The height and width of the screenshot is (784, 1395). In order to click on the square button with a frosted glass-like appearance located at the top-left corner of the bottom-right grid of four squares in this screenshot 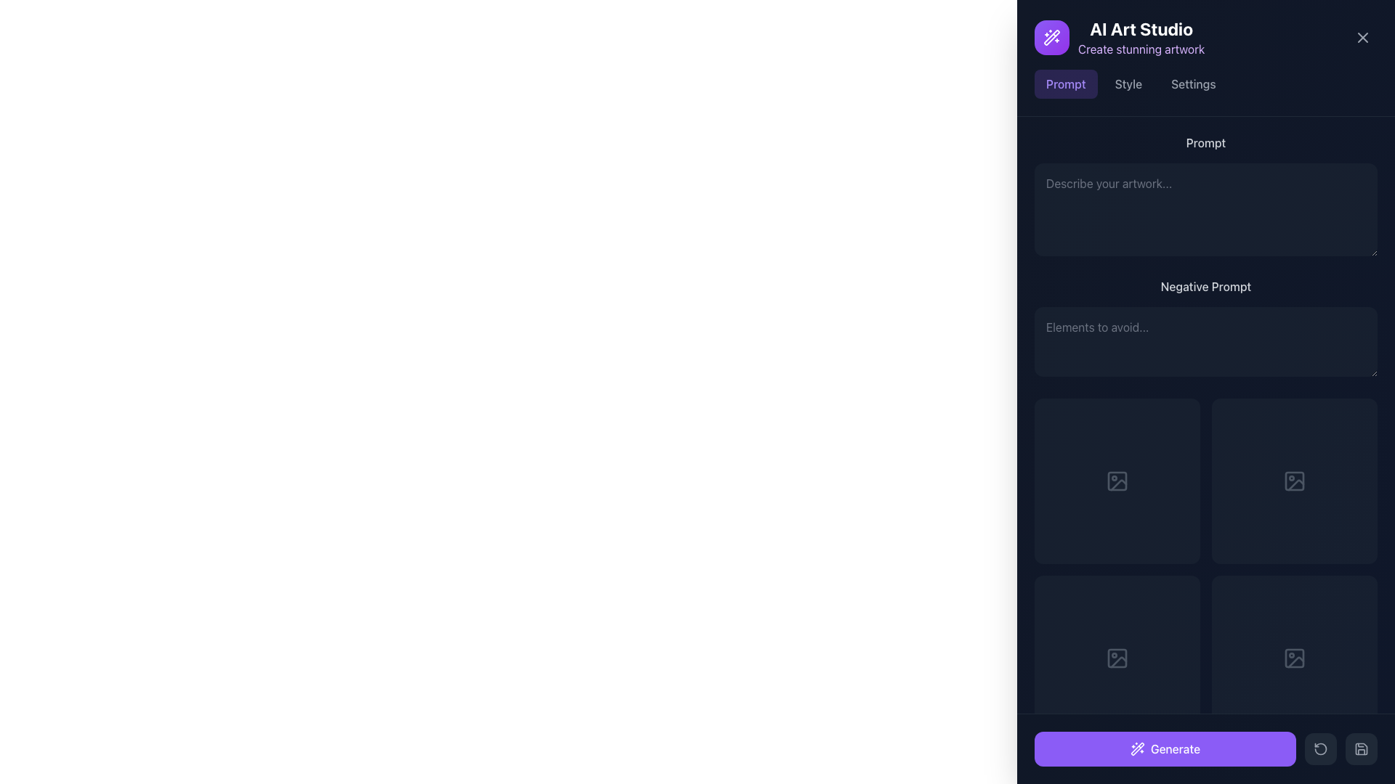, I will do `click(1275, 481)`.